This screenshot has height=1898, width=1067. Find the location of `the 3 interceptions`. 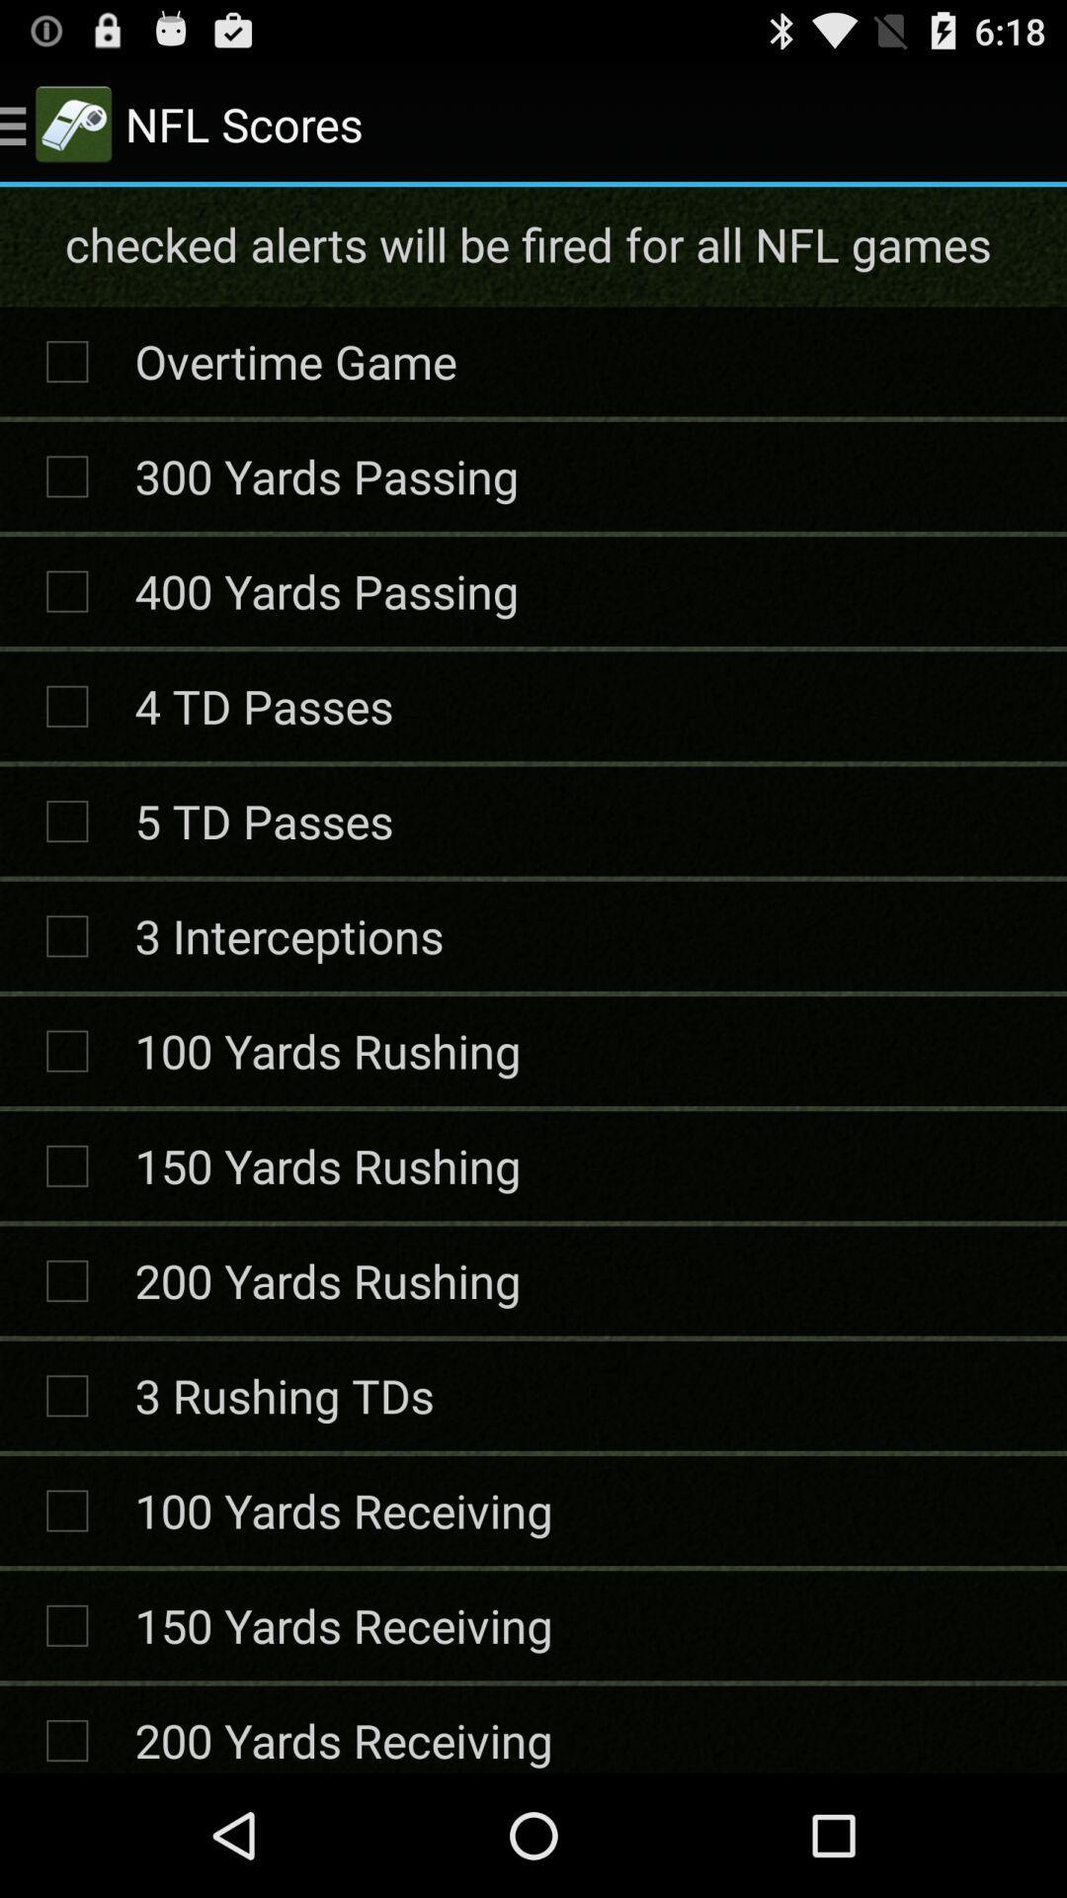

the 3 interceptions is located at coordinates (288, 934).